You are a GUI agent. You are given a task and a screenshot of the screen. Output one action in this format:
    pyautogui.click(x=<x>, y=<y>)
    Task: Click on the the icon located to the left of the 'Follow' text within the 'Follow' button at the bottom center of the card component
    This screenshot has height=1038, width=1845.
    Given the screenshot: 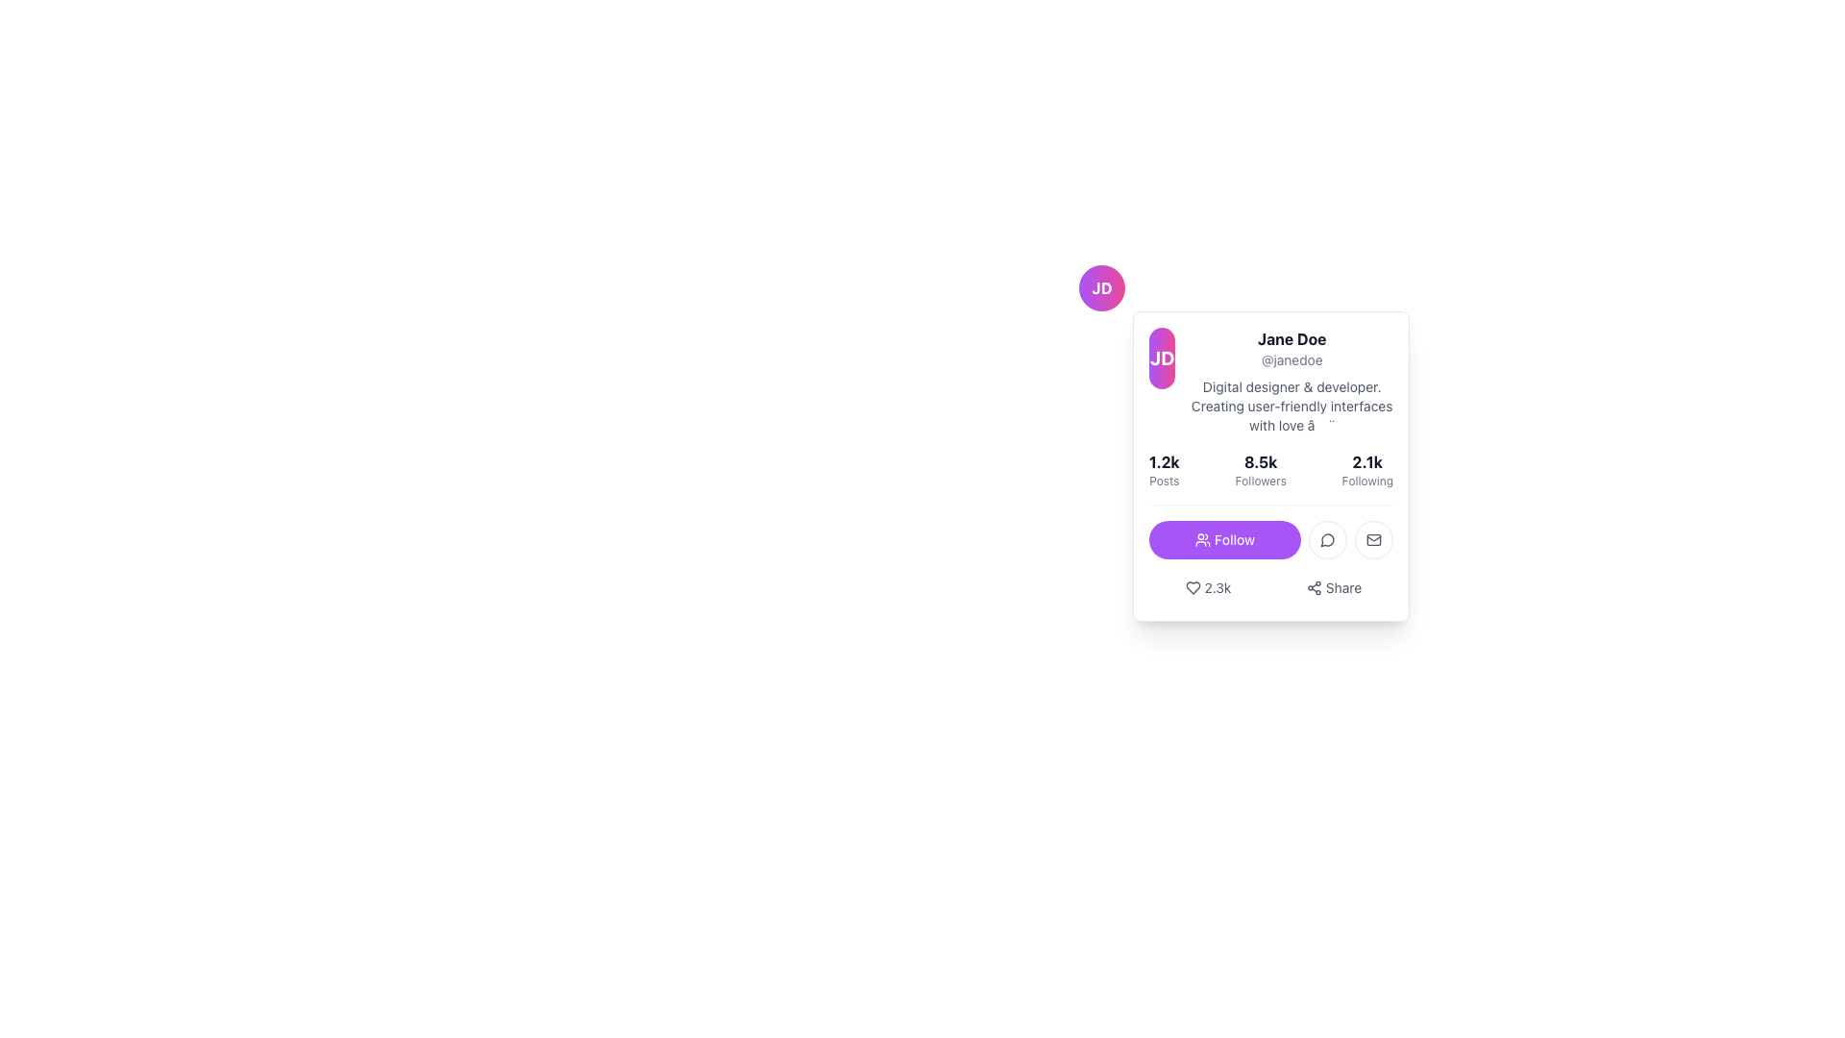 What is the action you would take?
    pyautogui.click(x=1201, y=540)
    